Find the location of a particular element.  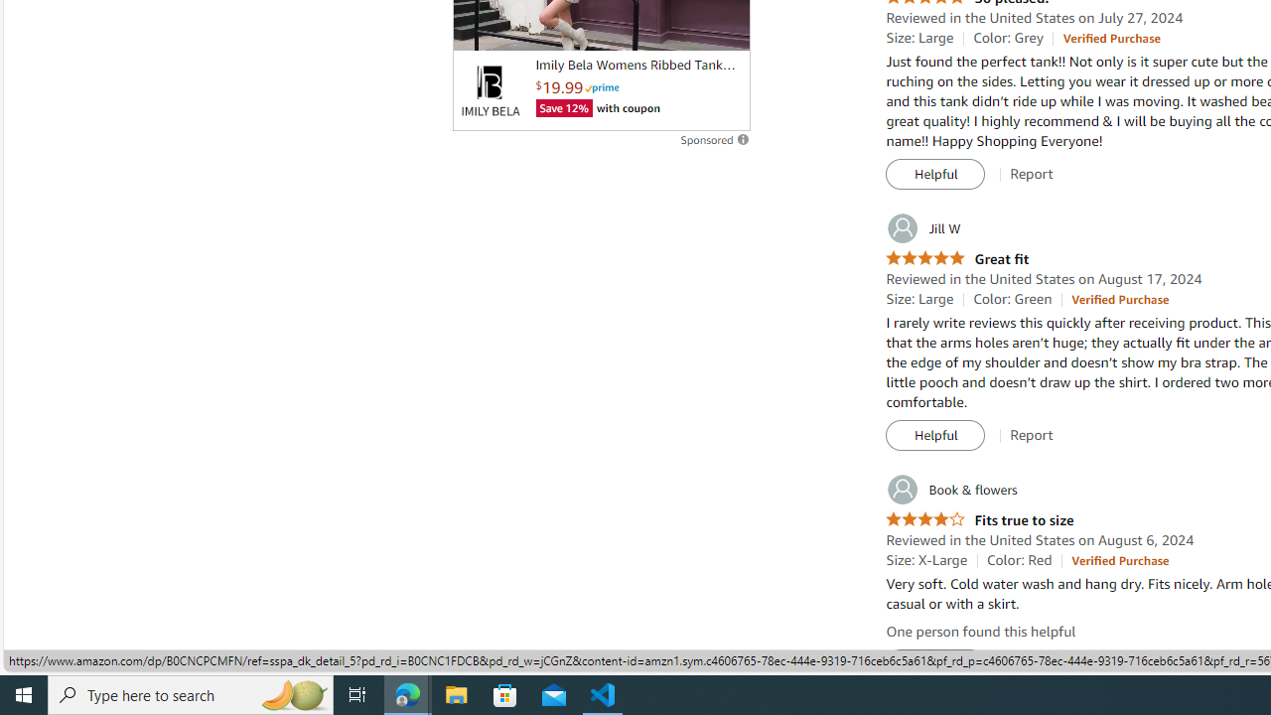

'Prime' is located at coordinates (601, 86).